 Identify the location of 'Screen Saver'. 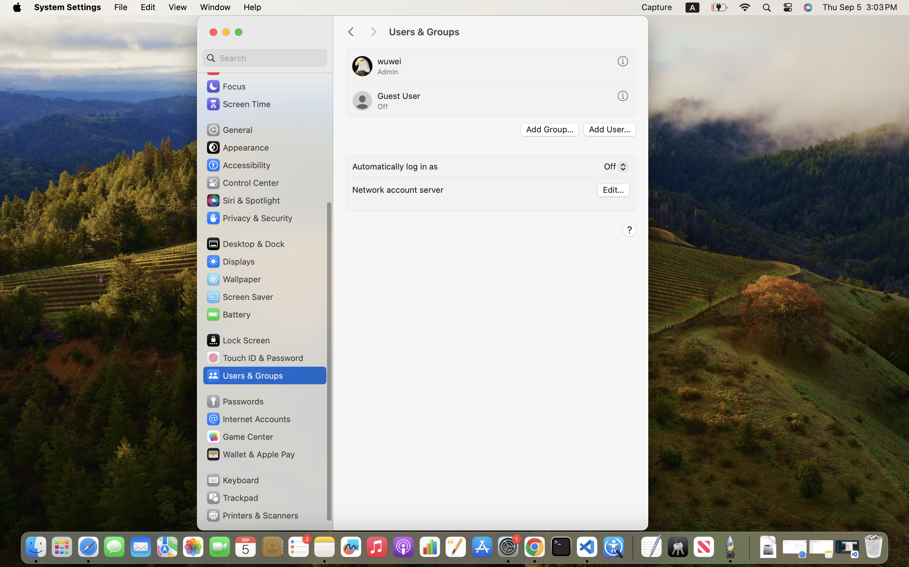
(239, 296).